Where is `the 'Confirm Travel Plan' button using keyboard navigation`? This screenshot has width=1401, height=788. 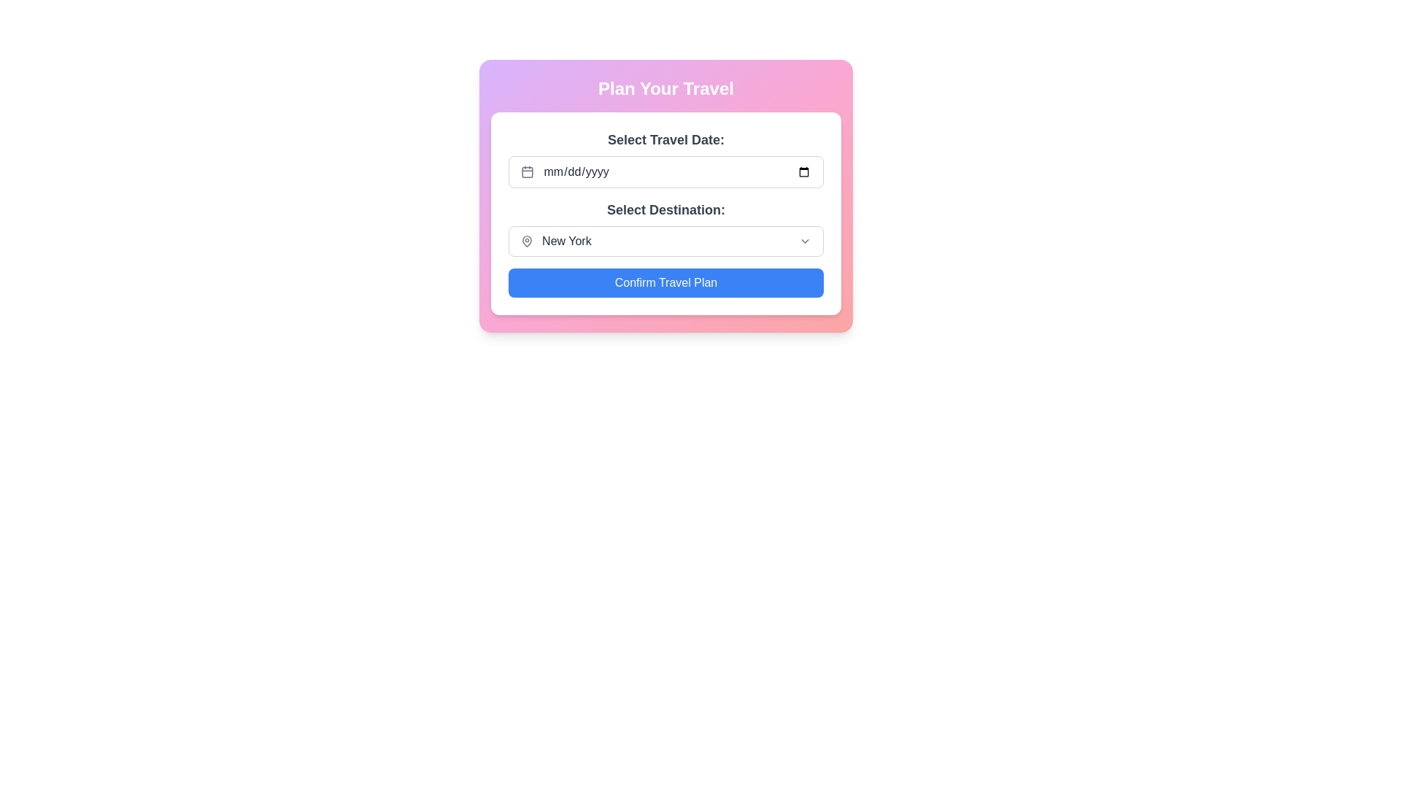 the 'Confirm Travel Plan' button using keyboard navigation is located at coordinates (665, 283).